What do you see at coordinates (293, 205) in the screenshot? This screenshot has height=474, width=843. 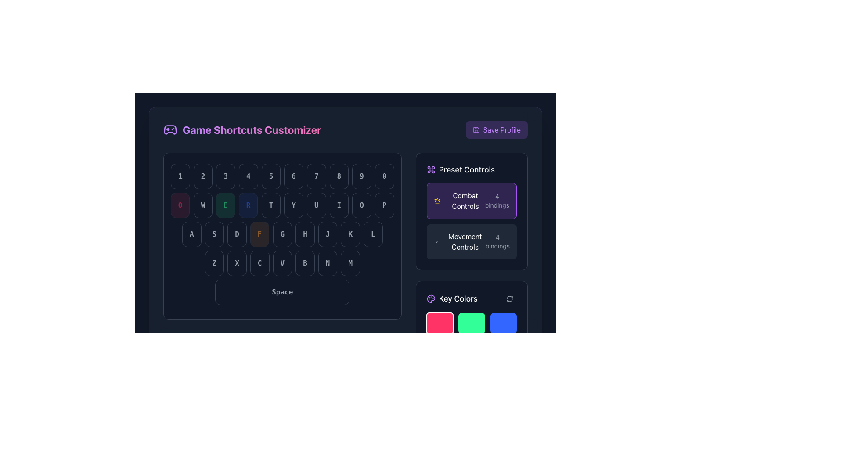 I see `the sixth button from the left in the horizontal series of buttons` at bounding box center [293, 205].